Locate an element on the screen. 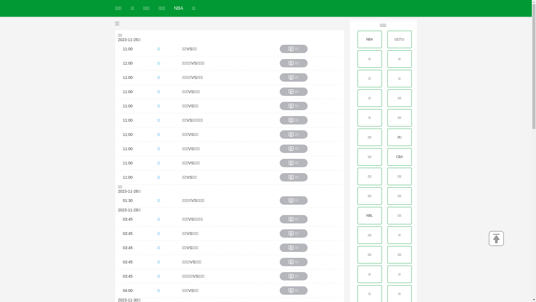 The image size is (536, 302). '03:45' is located at coordinates (127, 219).